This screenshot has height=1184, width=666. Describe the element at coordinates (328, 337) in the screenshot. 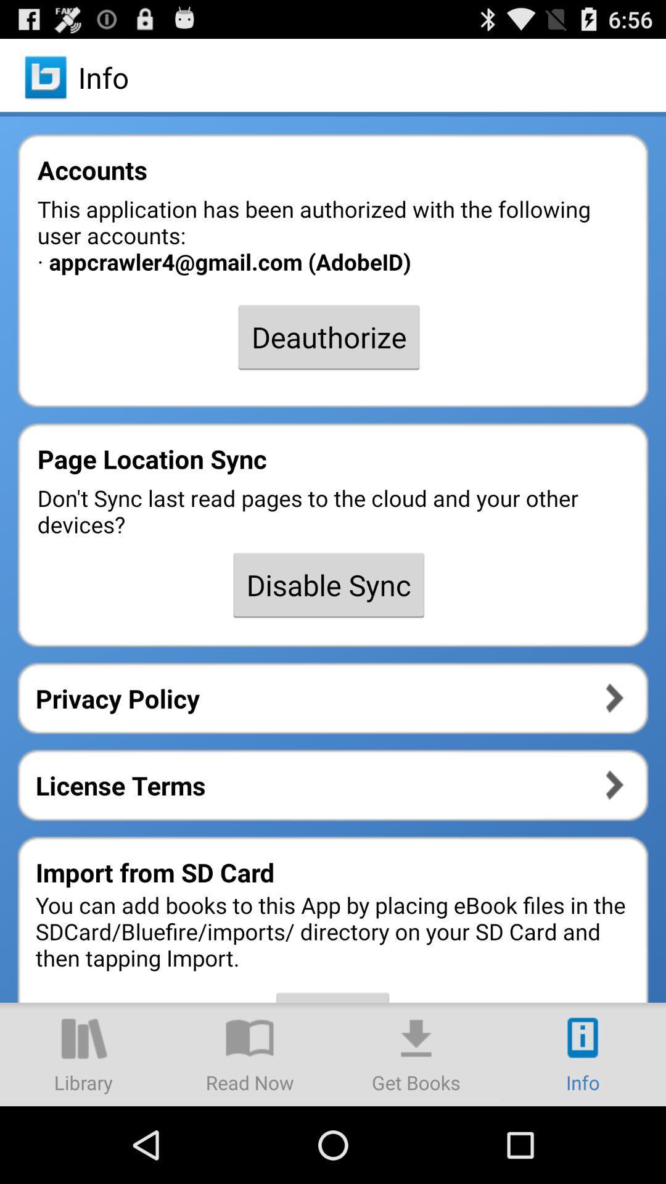

I see `the deauthorize icon` at that location.